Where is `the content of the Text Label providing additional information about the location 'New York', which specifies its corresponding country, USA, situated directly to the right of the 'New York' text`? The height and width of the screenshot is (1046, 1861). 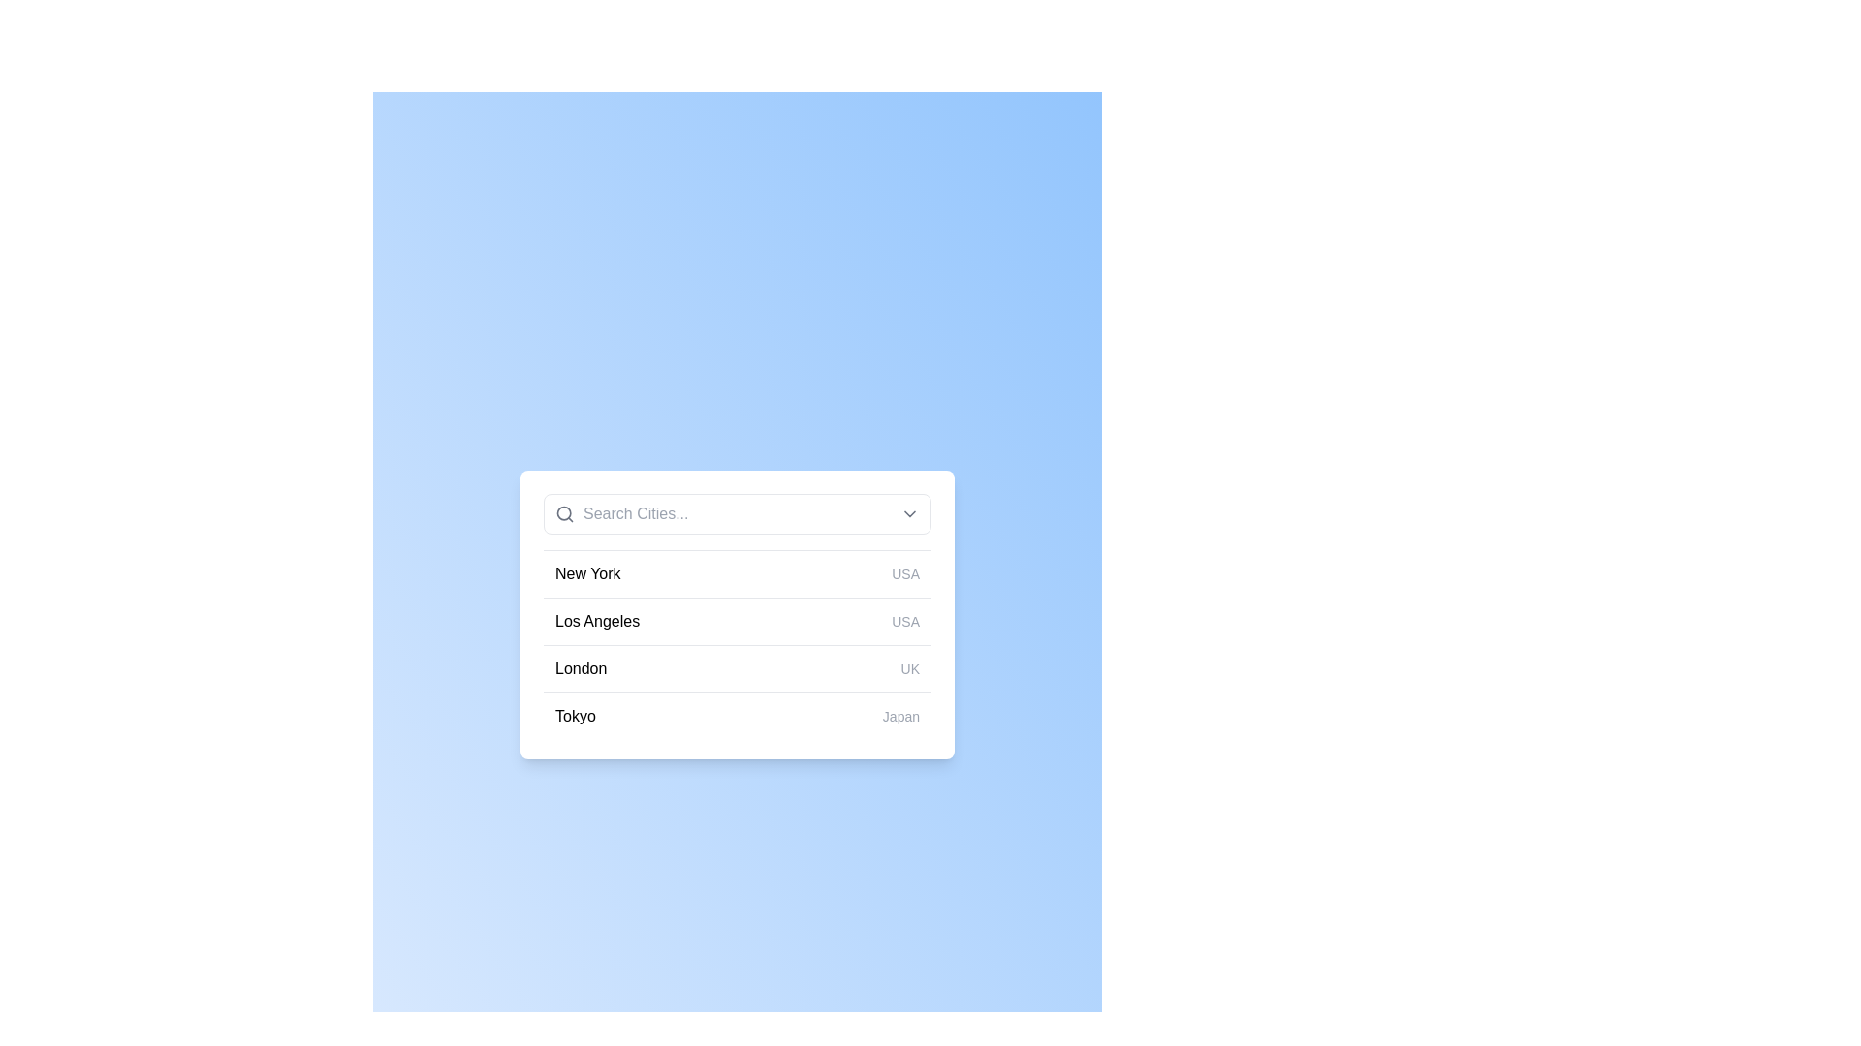 the content of the Text Label providing additional information about the location 'New York', which specifies its corresponding country, USA, situated directly to the right of the 'New York' text is located at coordinates (904, 573).